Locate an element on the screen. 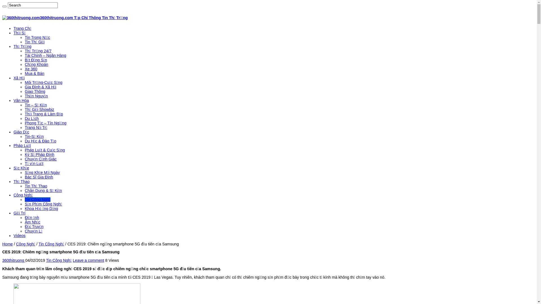  'Search' is located at coordinates (4, 6).